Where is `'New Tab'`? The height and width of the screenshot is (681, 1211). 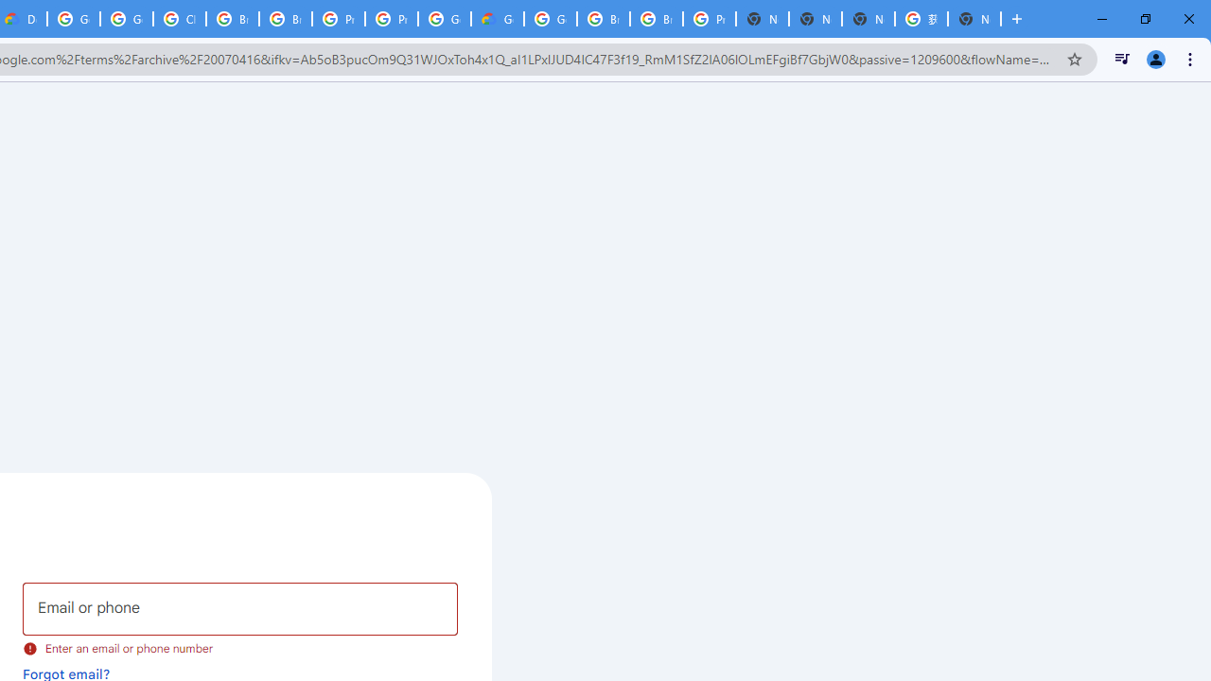
'New Tab' is located at coordinates (974, 19).